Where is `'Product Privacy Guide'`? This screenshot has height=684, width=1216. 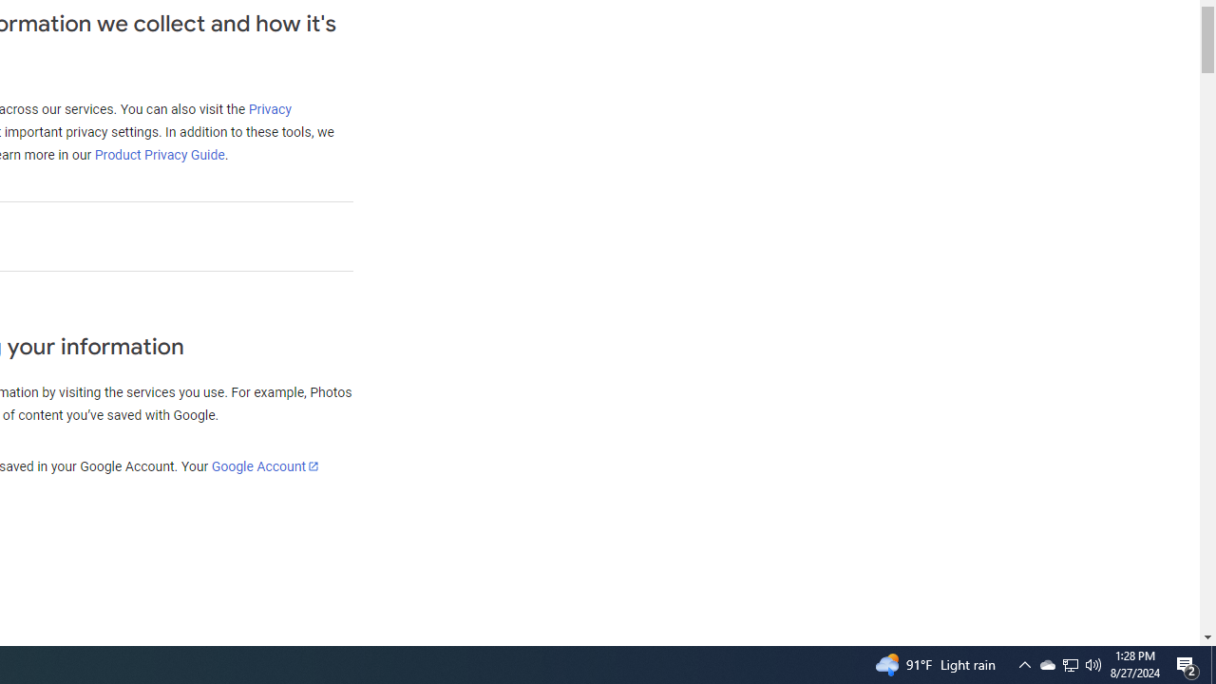
'Product Privacy Guide' is located at coordinates (159, 154).